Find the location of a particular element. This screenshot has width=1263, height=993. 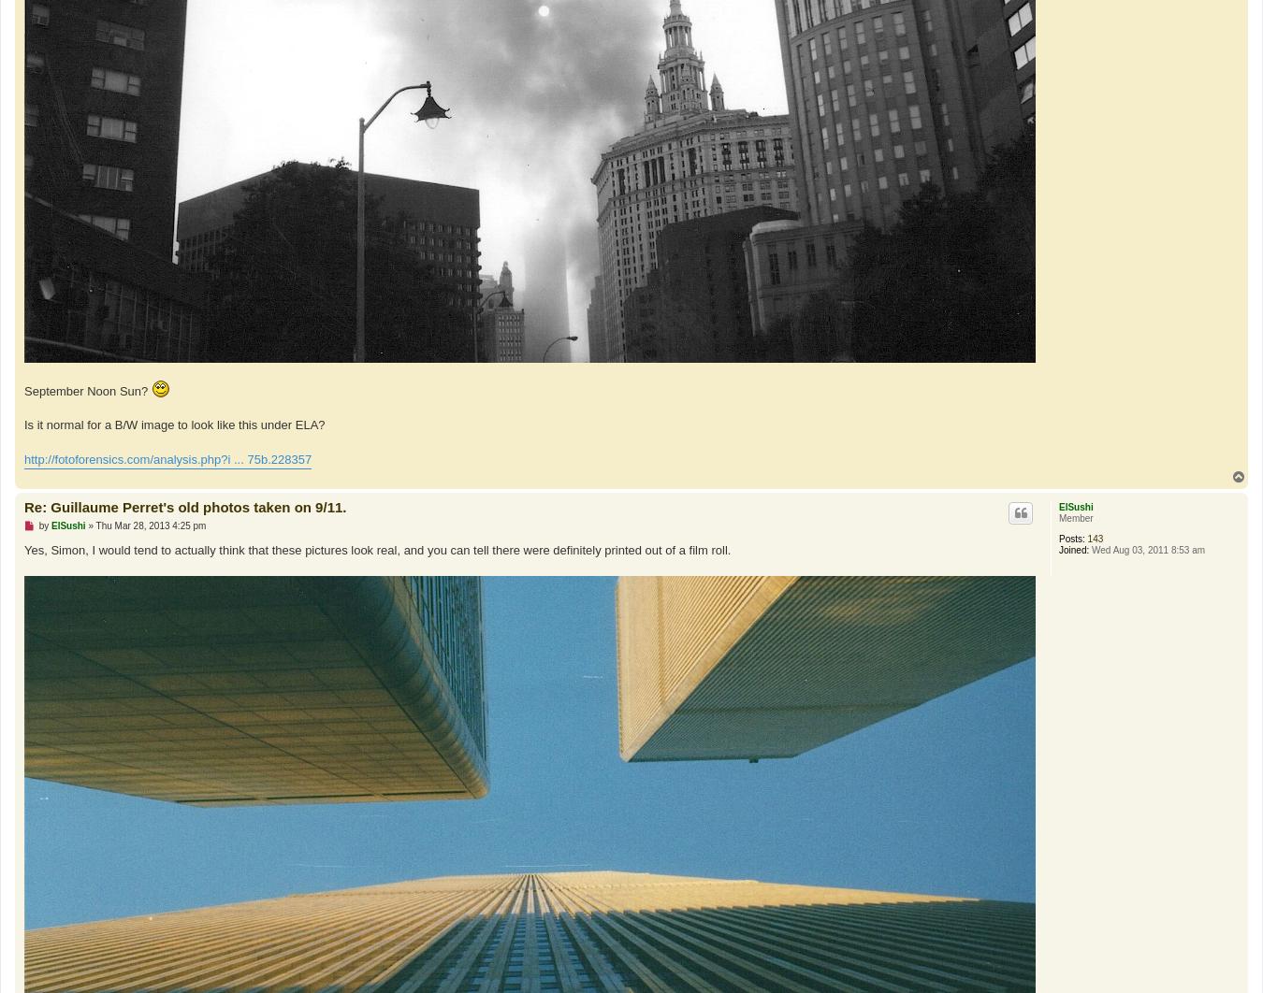

'Re: Guillaume Perret's old photos taken on 9/11.' is located at coordinates (185, 506).